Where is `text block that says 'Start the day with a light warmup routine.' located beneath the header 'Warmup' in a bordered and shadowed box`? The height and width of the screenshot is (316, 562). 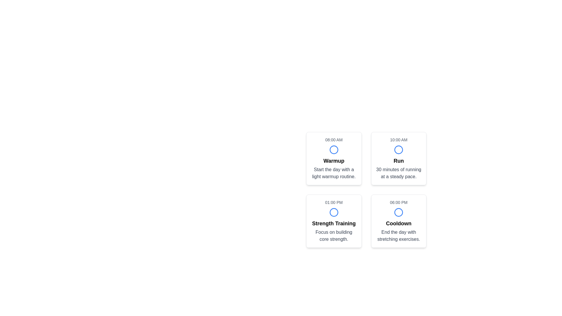 text block that says 'Start the day with a light warmup routine.' located beneath the header 'Warmup' in a bordered and shadowed box is located at coordinates (334, 173).